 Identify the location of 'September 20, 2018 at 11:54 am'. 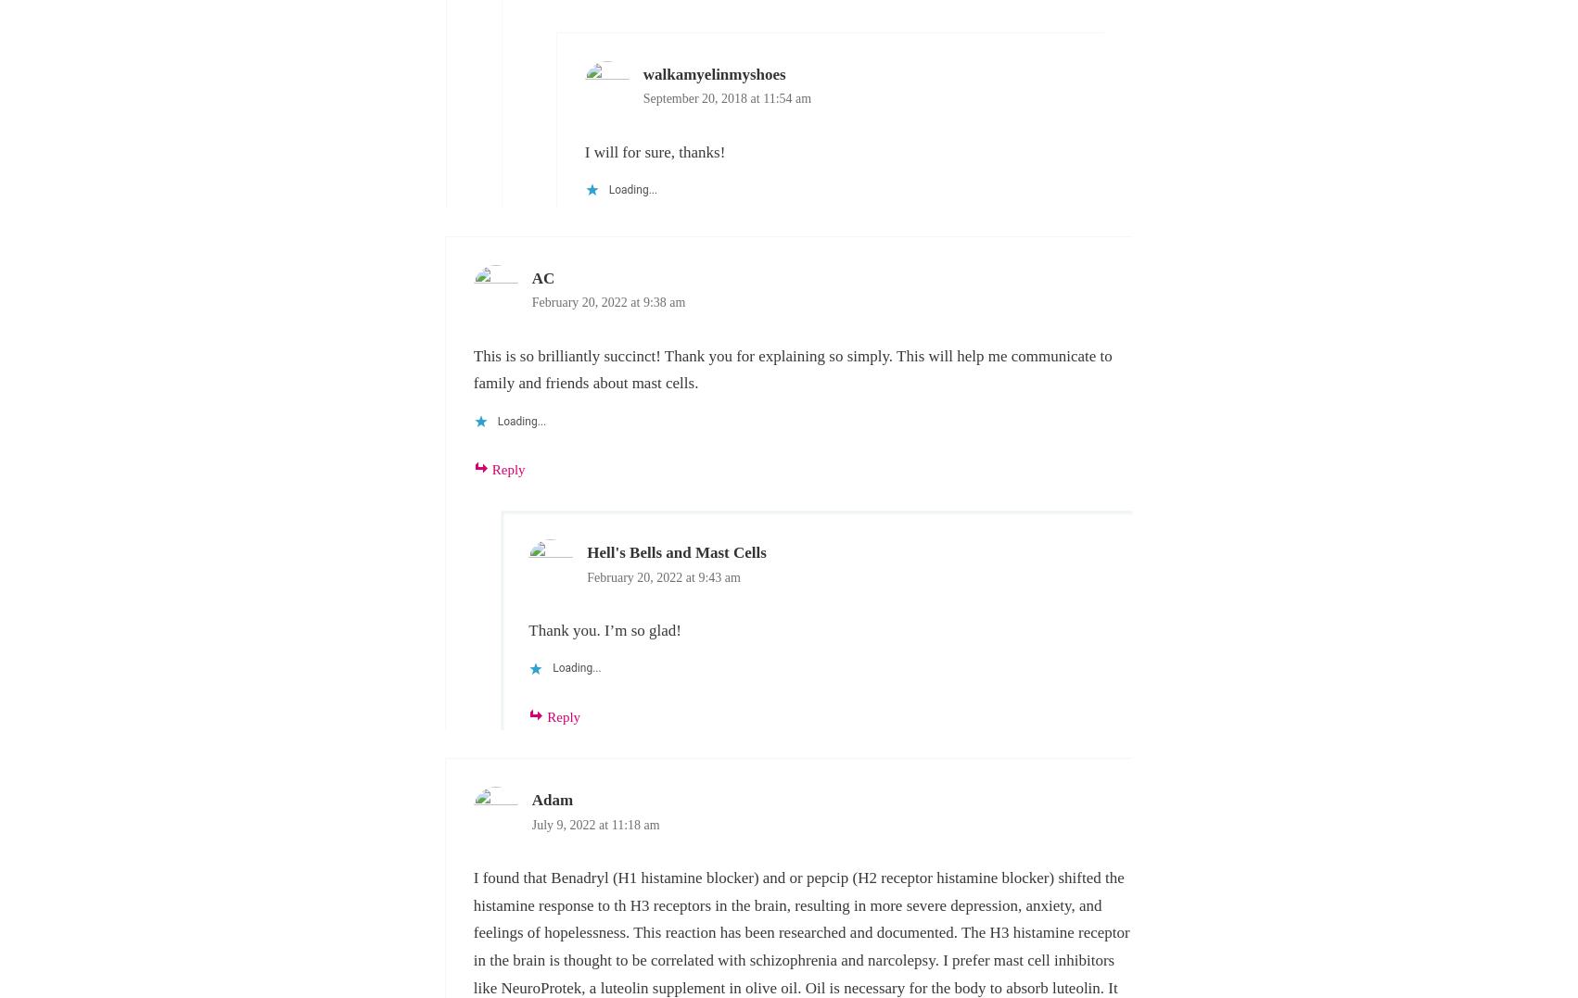
(643, 97).